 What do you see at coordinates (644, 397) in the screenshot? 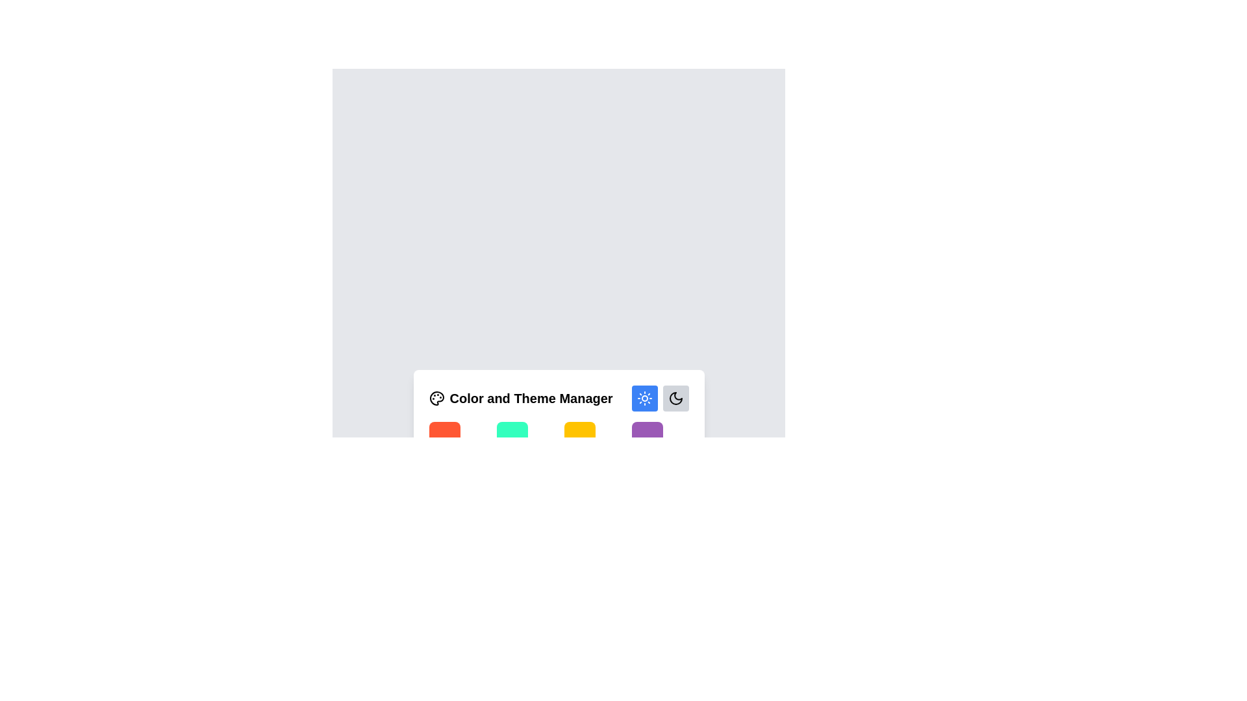
I see `the blue square button with a rounded border and a white sun icon` at bounding box center [644, 397].